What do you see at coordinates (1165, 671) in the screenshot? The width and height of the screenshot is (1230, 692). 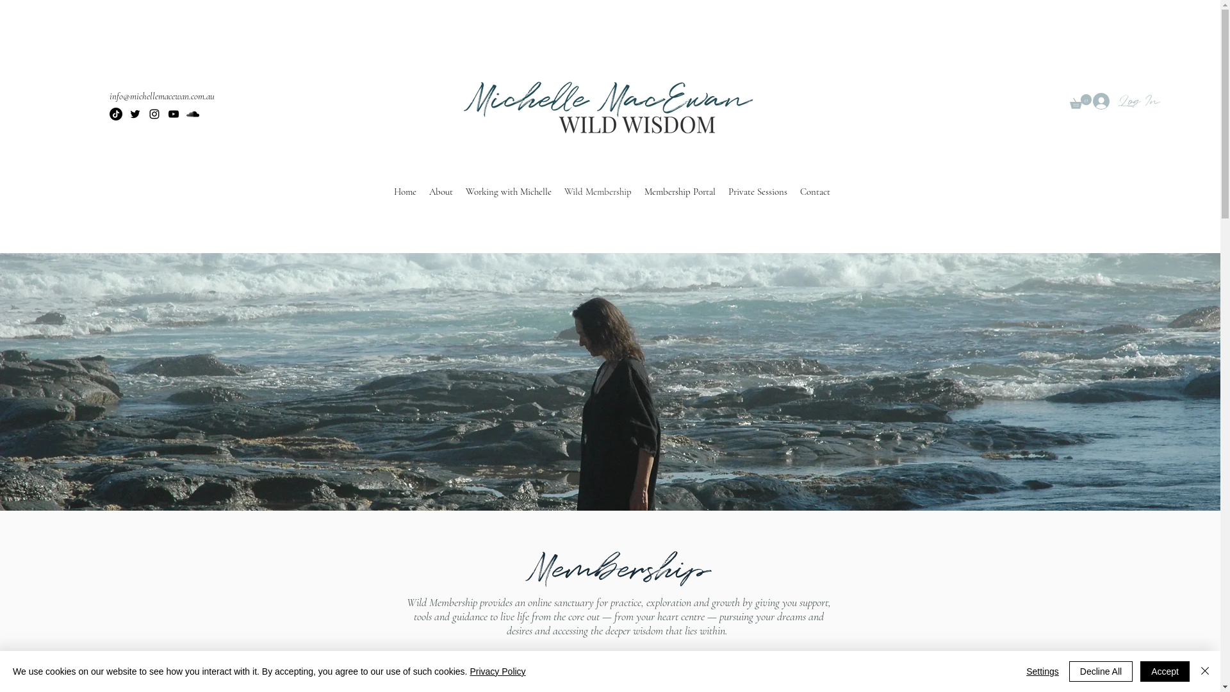 I see `'Accept'` at bounding box center [1165, 671].